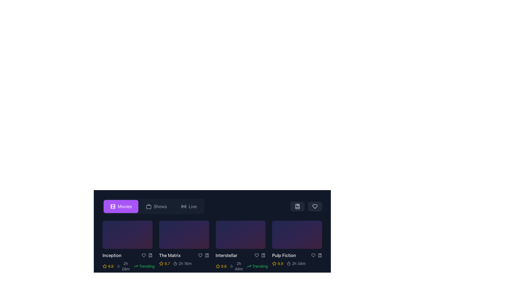  I want to click on the static text label displaying the title 'Interstellar', which is the third title in a horizontally arranged list of movie titles, so click(226, 255).